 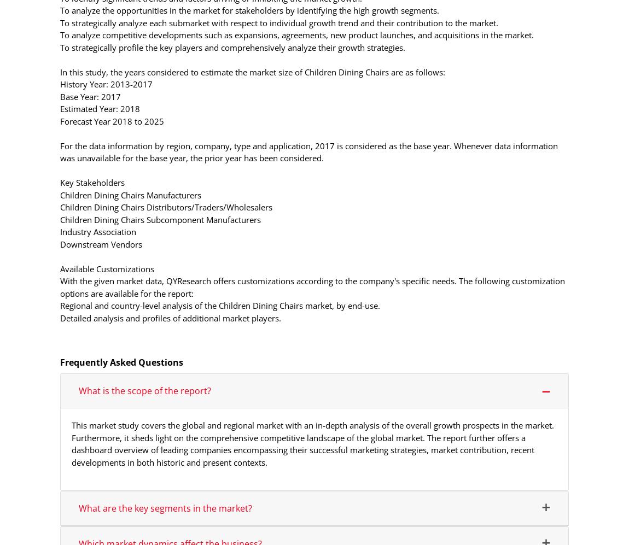 What do you see at coordinates (165, 508) in the screenshot?
I see `'What are the key segments in the market?'` at bounding box center [165, 508].